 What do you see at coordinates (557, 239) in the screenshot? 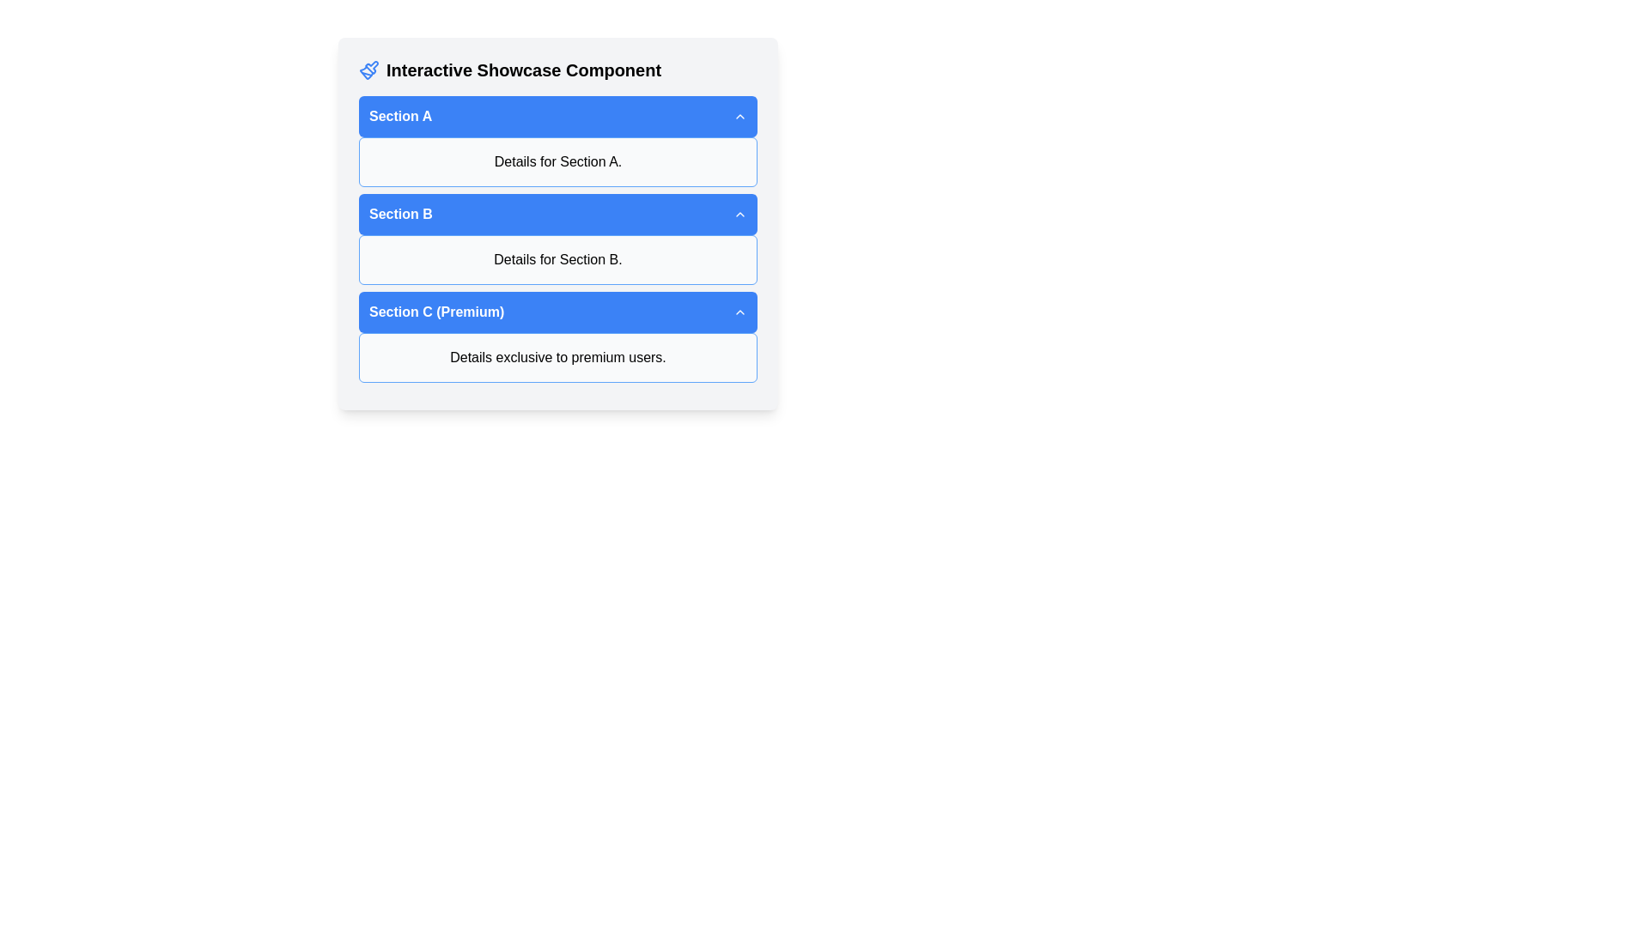
I see `the title of the collapsible panel for 'Section B' to read its content` at bounding box center [557, 239].